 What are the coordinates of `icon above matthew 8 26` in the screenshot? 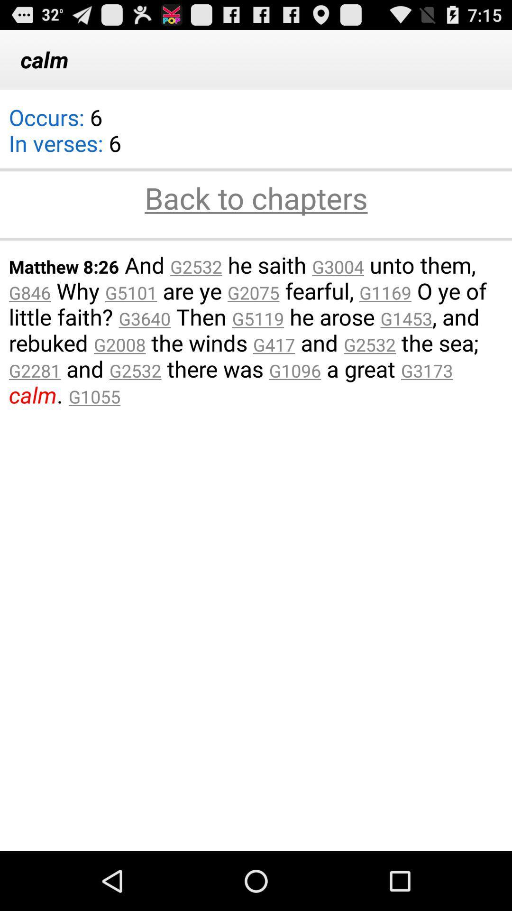 It's located at (256, 239).